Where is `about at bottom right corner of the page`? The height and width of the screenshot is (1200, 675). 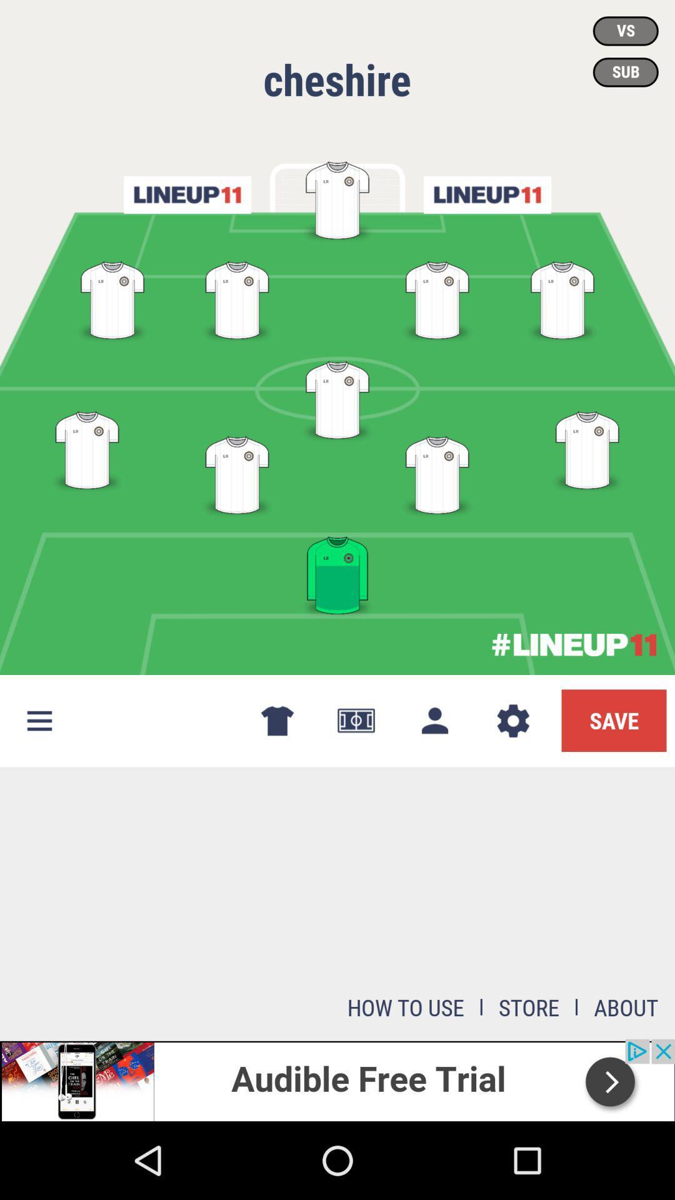
about at bottom right corner of the page is located at coordinates (626, 1007).